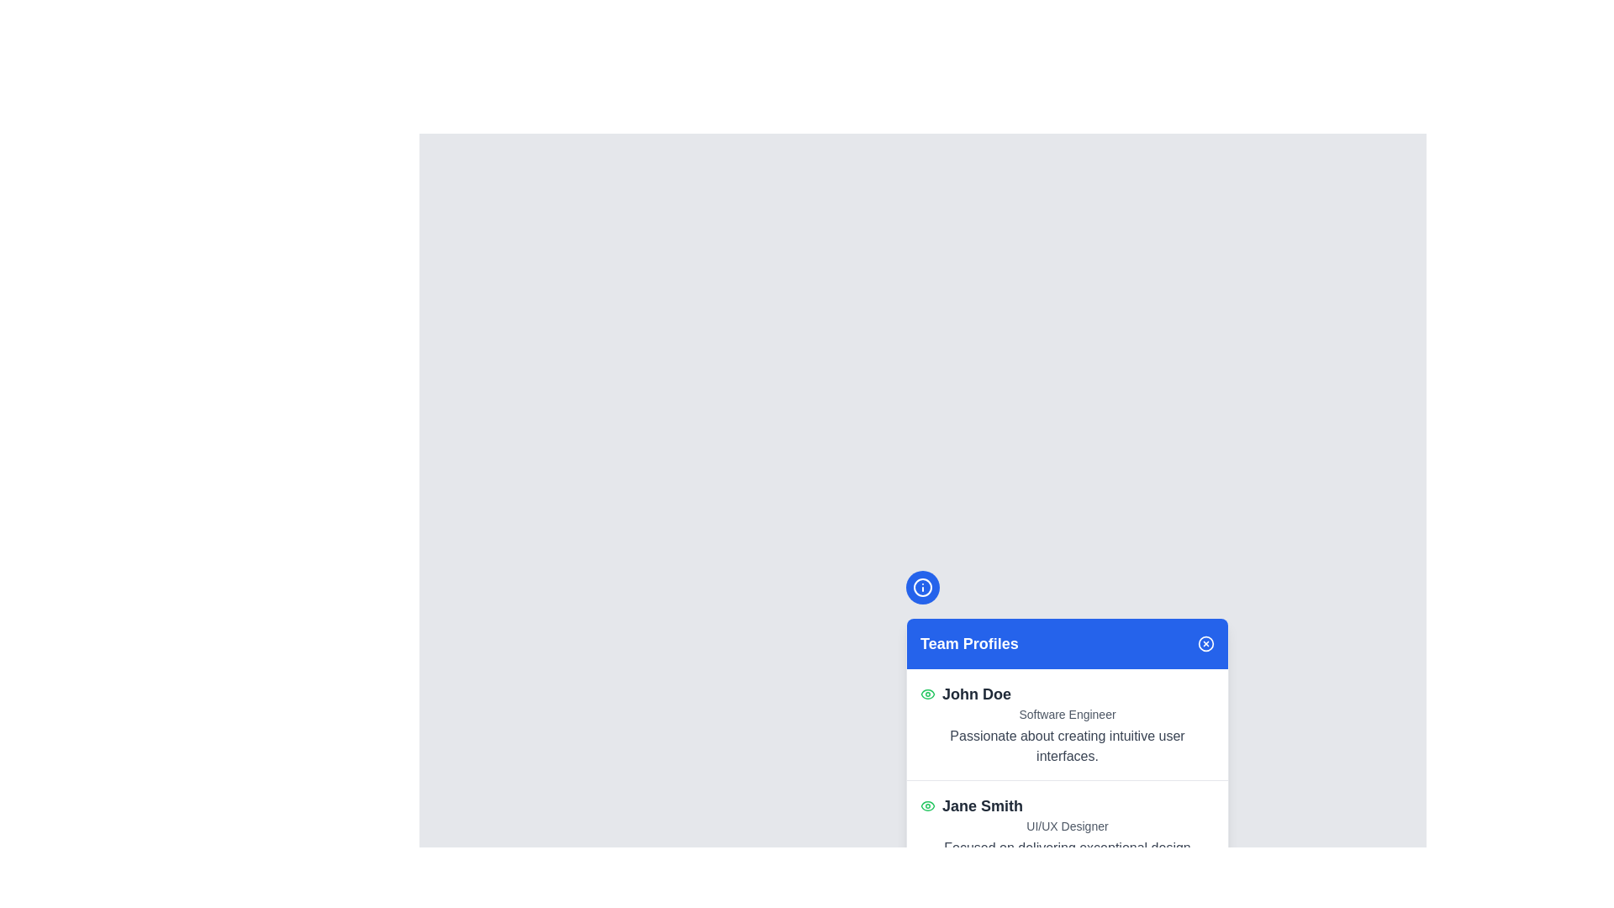 The image size is (1614, 908). What do you see at coordinates (1067, 745) in the screenshot?
I see `the textual description that reads 'Passionate about creating intuitive user interfaces.' positioned below 'Software Engineer'` at bounding box center [1067, 745].